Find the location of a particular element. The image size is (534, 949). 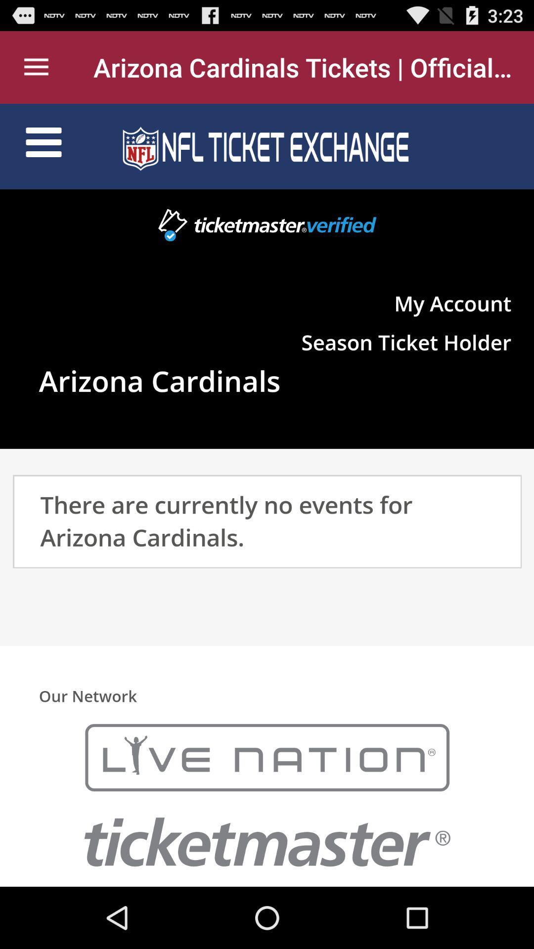

navigation area is located at coordinates (267, 495).